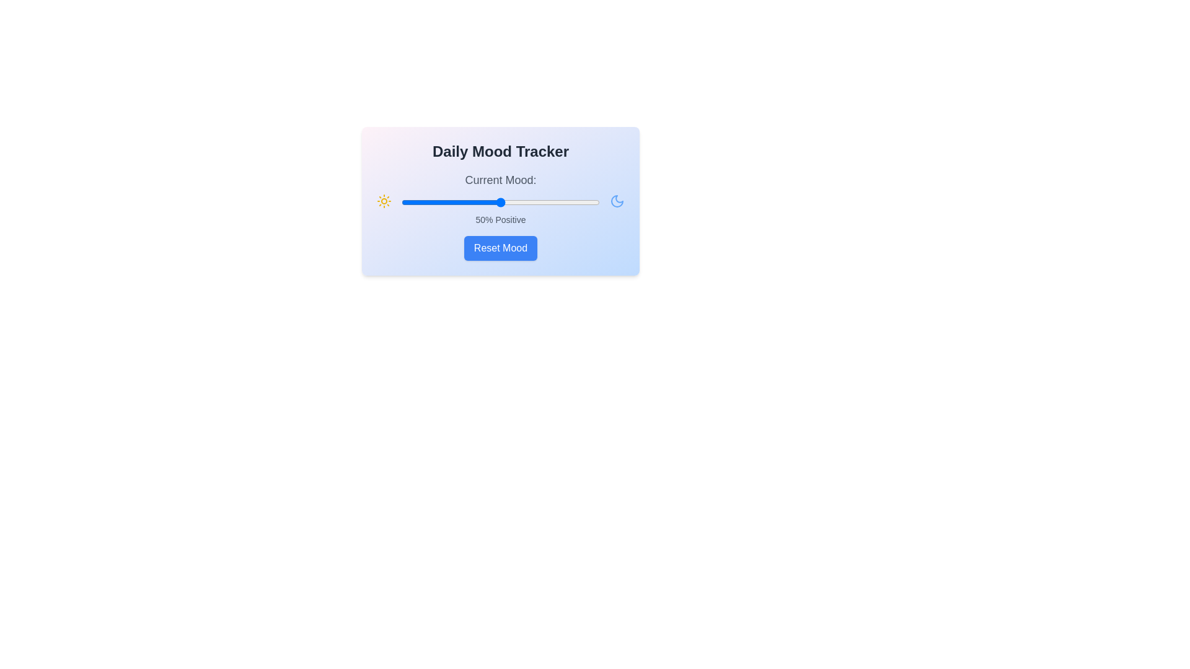 The height and width of the screenshot is (669, 1190). What do you see at coordinates (500, 200) in the screenshot?
I see `the 'Reset Mood' button located on the mood tracking panel to reset the user's mood status` at bounding box center [500, 200].